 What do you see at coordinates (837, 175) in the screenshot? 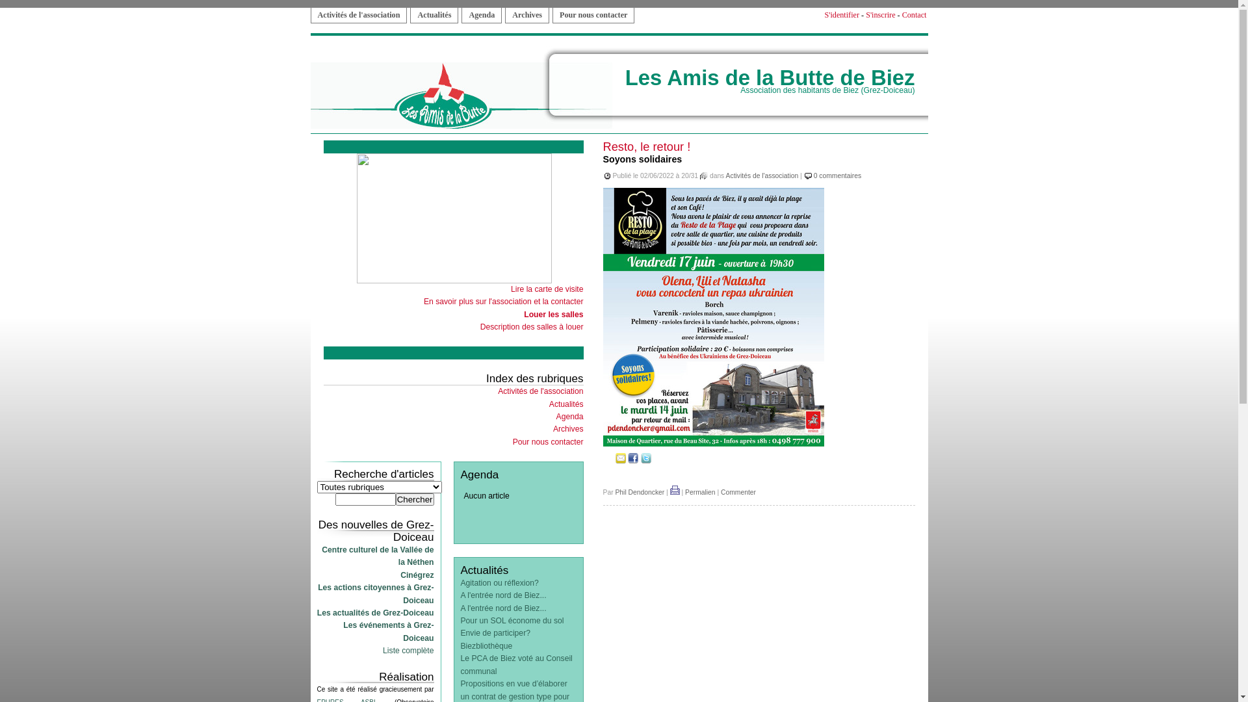
I see `'0 commentaires'` at bounding box center [837, 175].